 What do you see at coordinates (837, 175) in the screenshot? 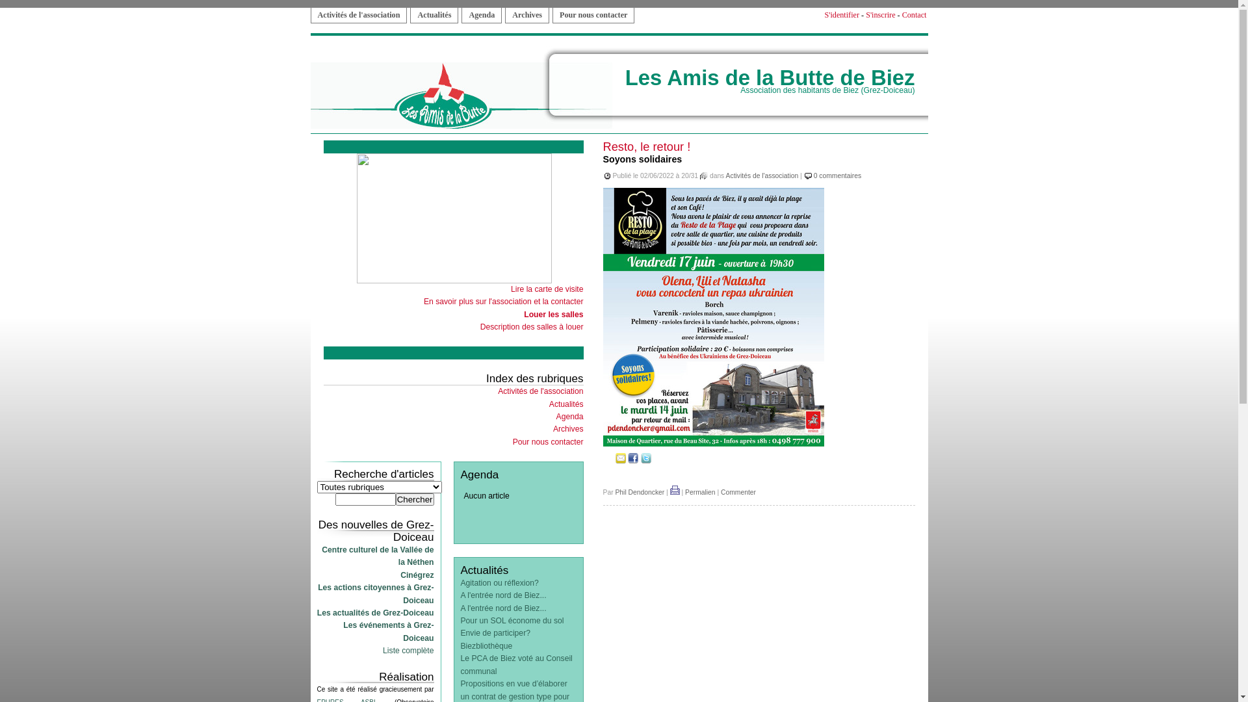
I see `'0 commentaires'` at bounding box center [837, 175].